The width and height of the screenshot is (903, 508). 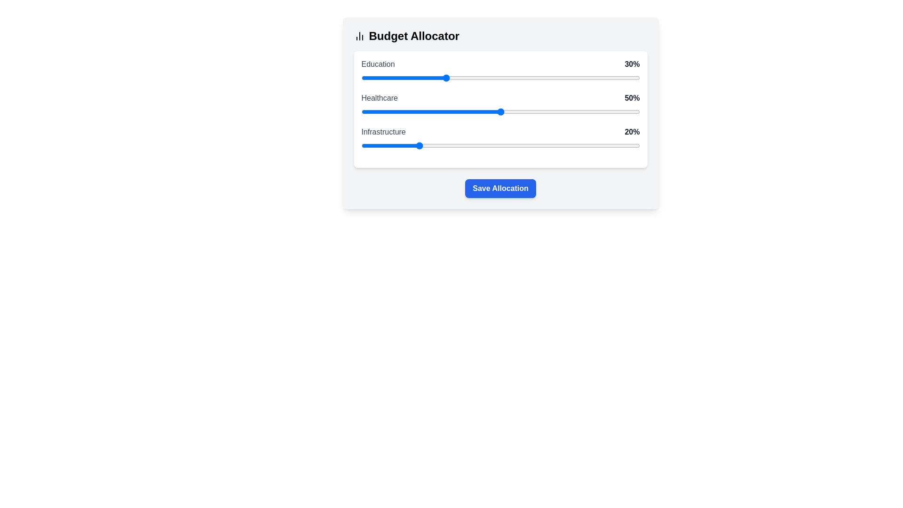 I want to click on infrastructure allocation, so click(x=433, y=145).